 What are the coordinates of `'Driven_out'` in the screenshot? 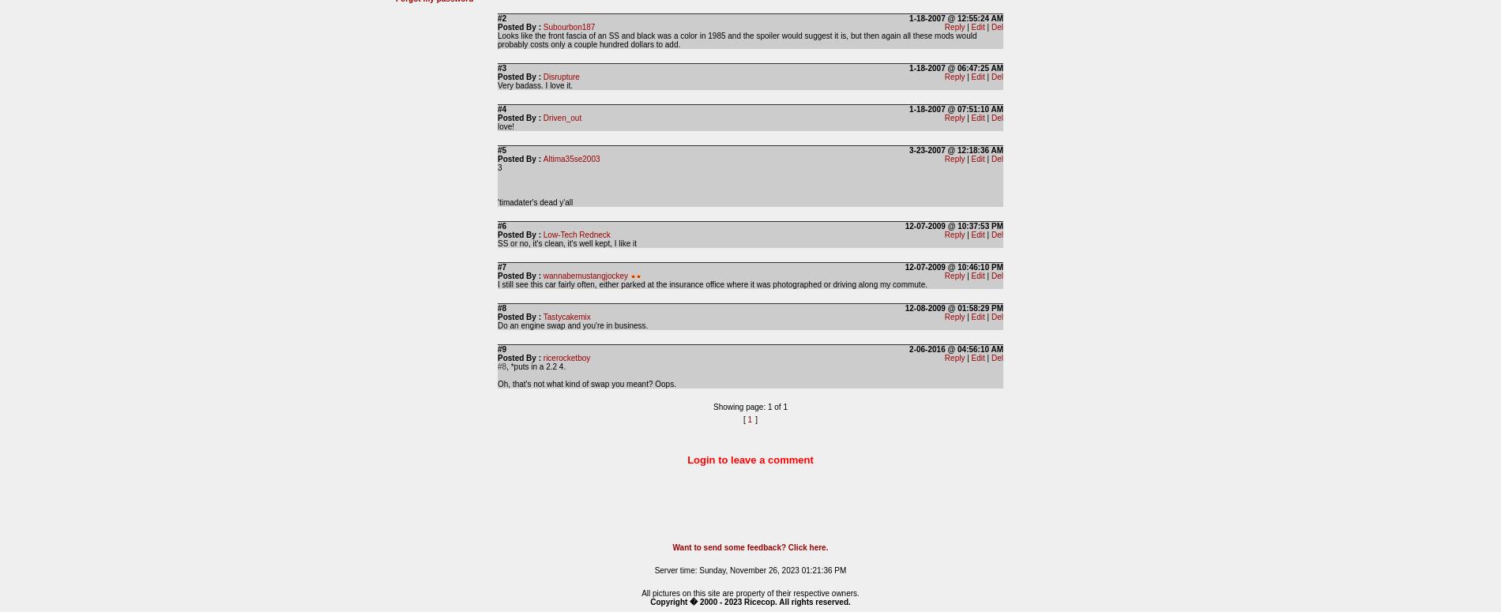 It's located at (543, 117).